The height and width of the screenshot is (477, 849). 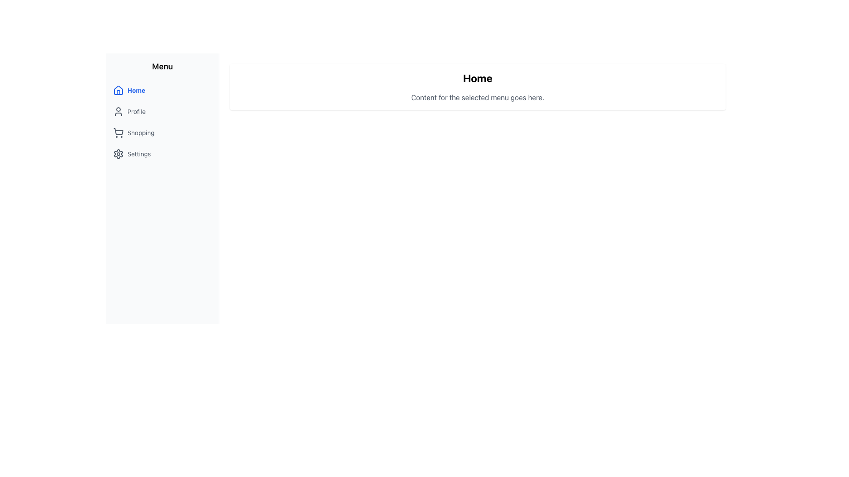 What do you see at coordinates (118, 153) in the screenshot?
I see `the gear icon` at bounding box center [118, 153].